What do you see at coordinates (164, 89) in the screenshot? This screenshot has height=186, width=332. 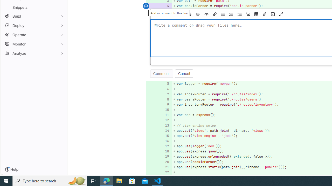 I see `'6'` at bounding box center [164, 89].